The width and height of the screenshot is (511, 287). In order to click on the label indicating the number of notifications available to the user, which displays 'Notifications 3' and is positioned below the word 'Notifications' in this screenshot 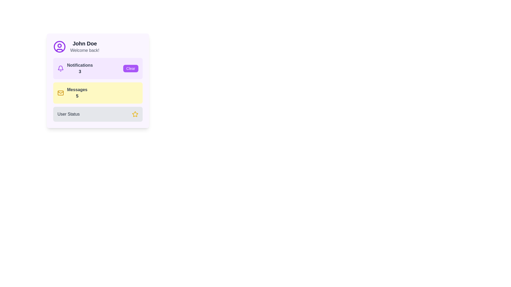, I will do `click(80, 71)`.